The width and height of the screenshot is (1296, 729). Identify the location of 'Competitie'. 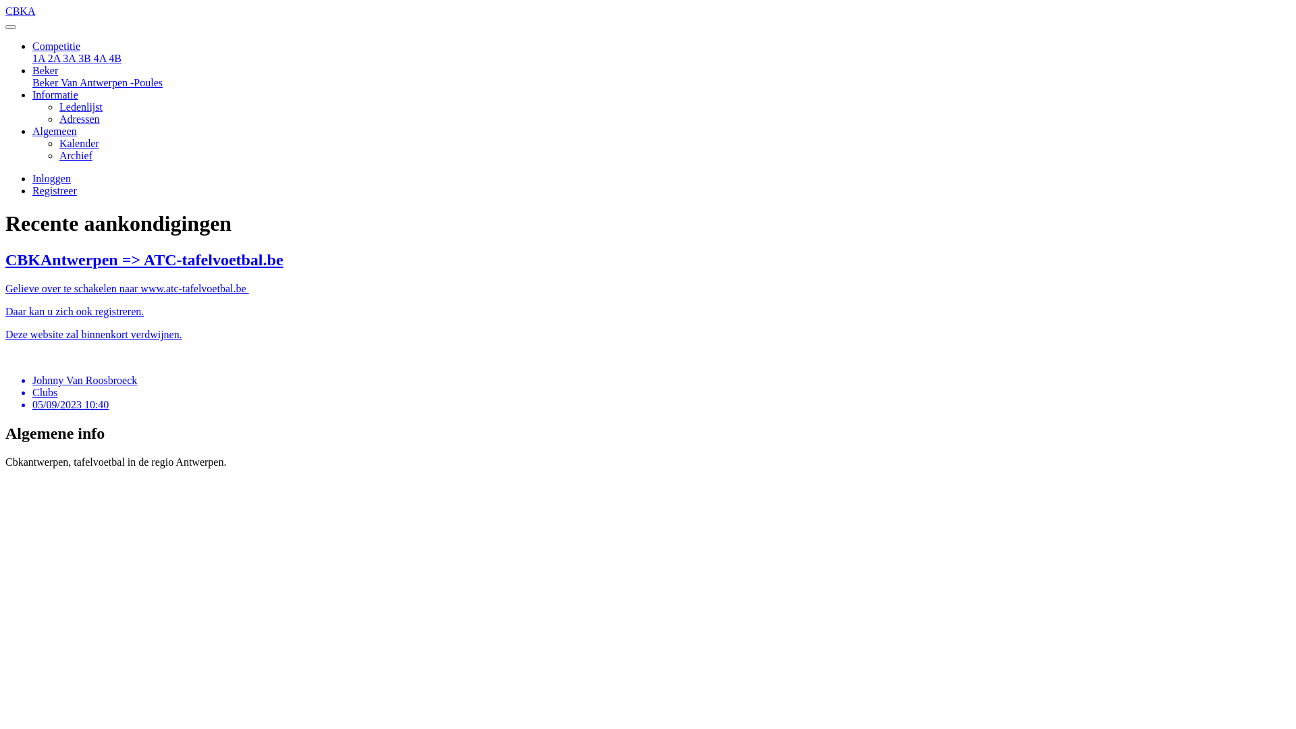
(55, 45).